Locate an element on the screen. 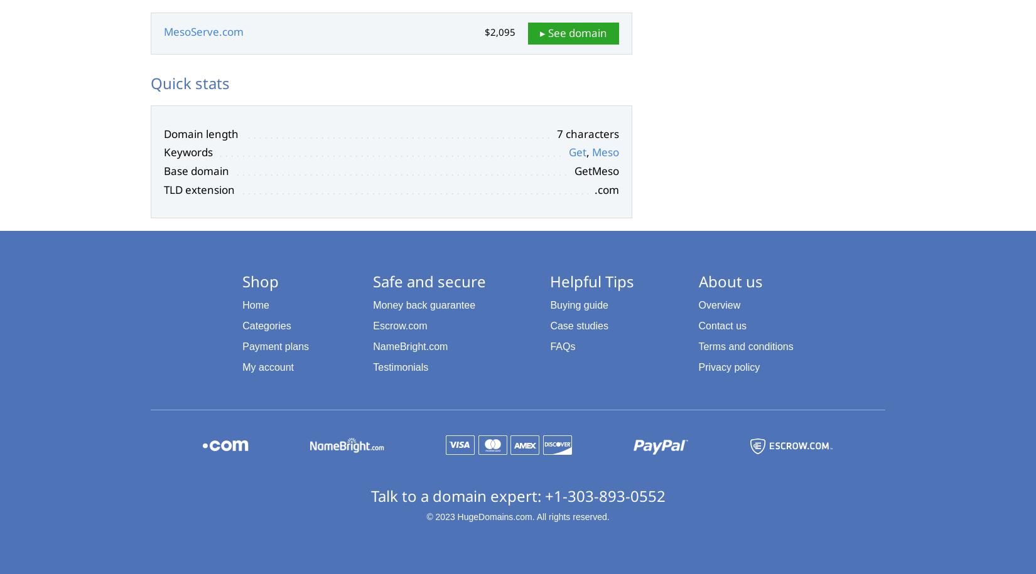 This screenshot has width=1036, height=574. 'Contact us' is located at coordinates (722, 326).